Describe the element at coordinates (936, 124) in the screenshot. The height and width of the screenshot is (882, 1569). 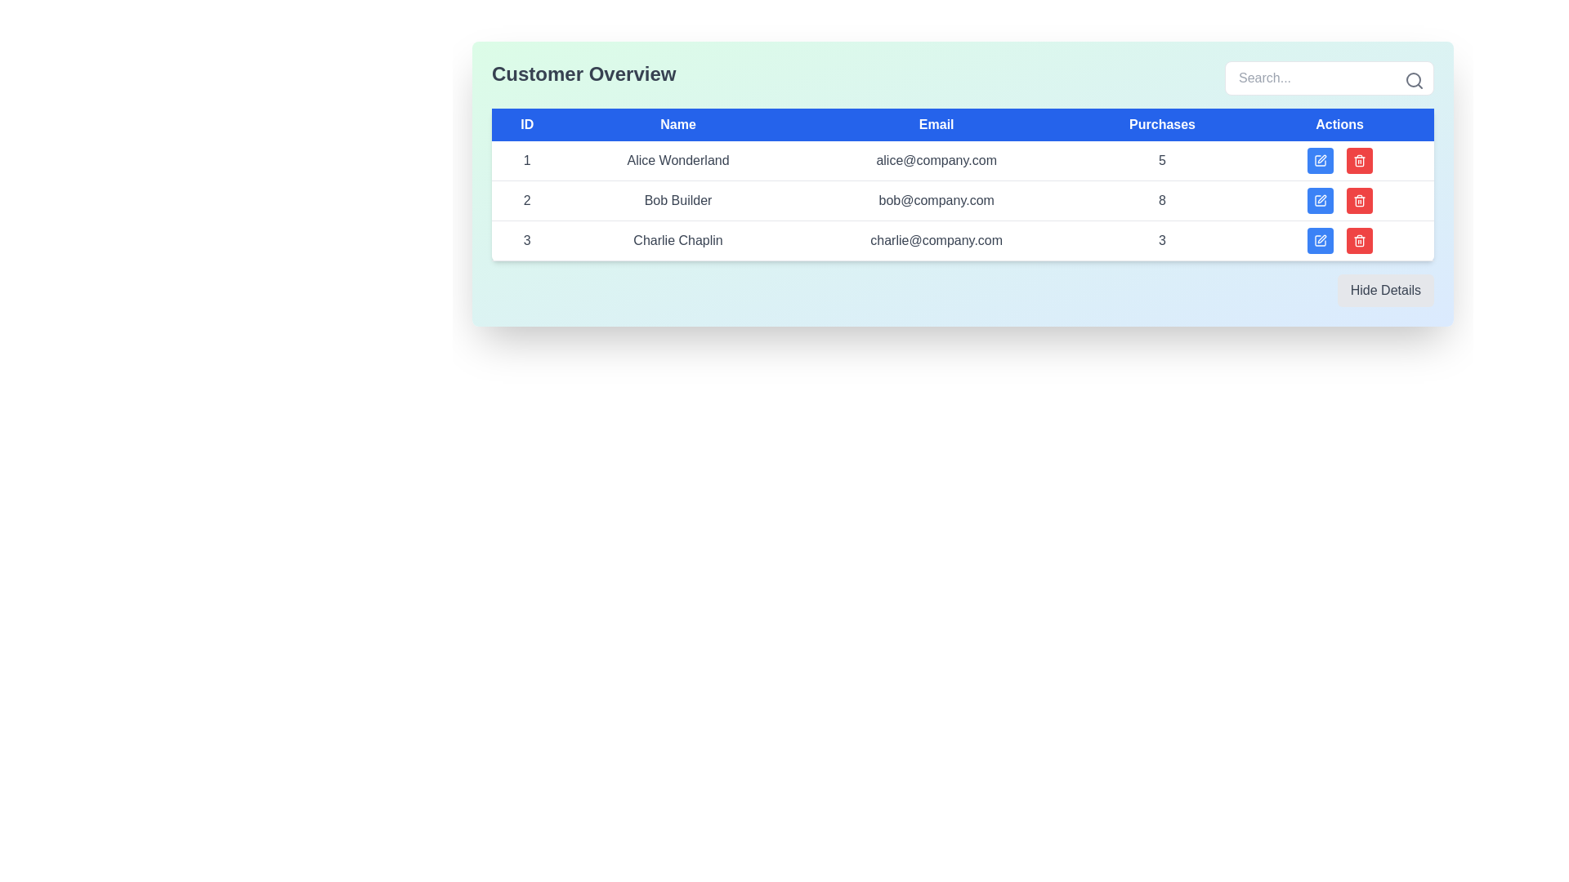
I see `the 'Email' header text label, which is the third header in a table-like structure, displayed in white text on a blue background` at that location.